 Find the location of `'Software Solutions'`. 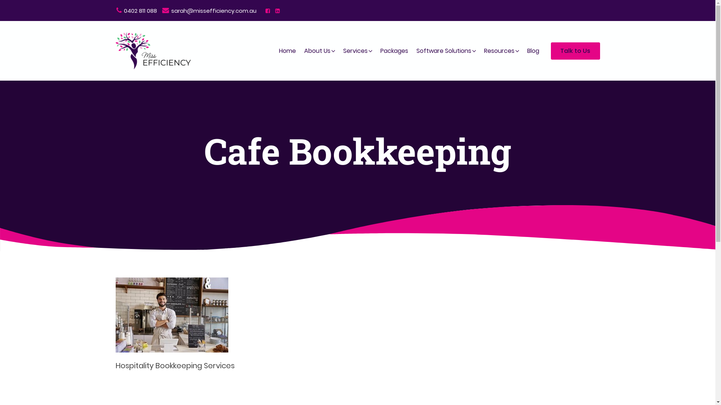

'Software Solutions' is located at coordinates (443, 51).